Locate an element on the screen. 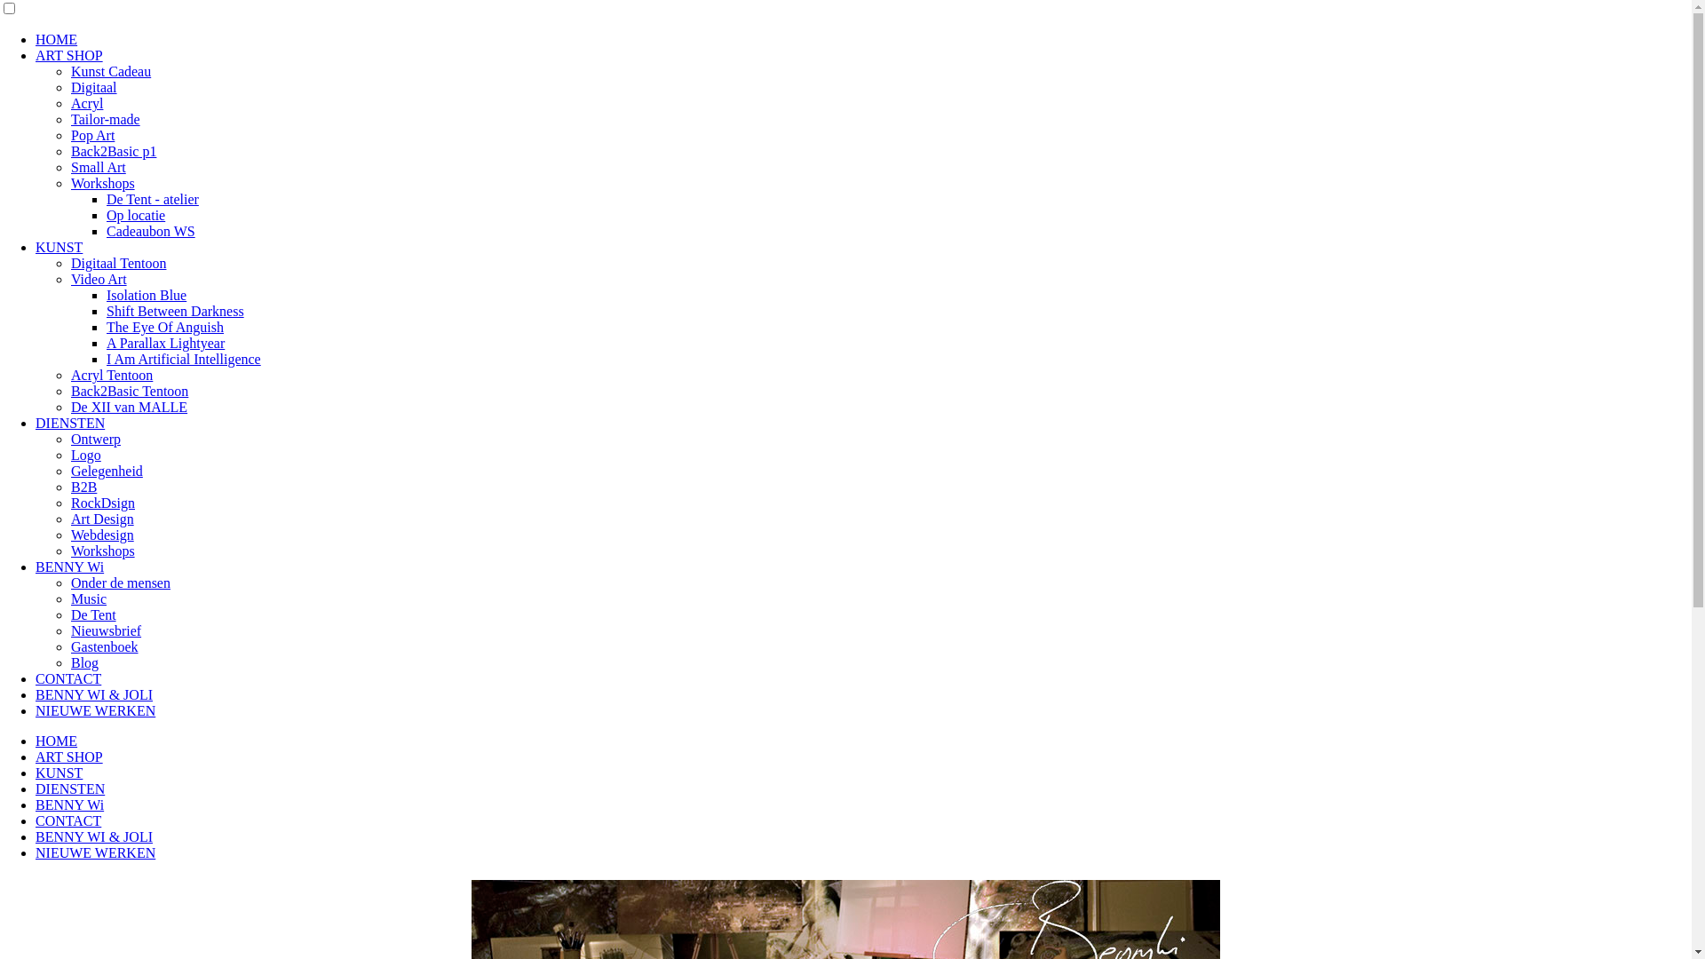  'Acryl' is located at coordinates (85, 103).